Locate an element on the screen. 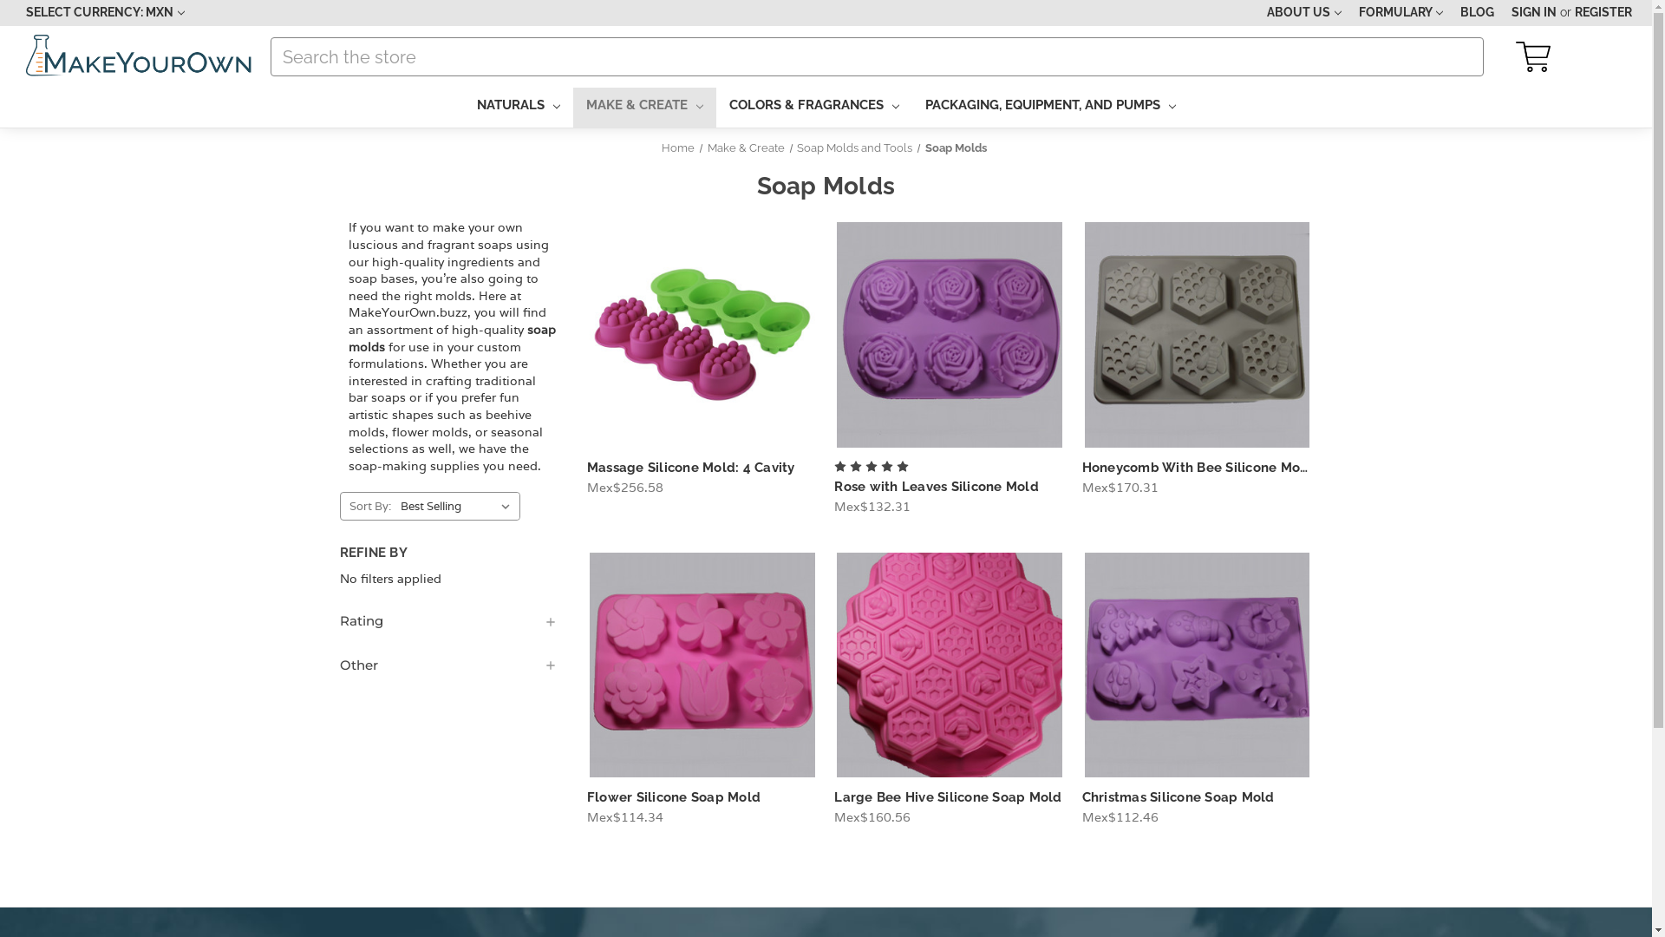  'BLOG' is located at coordinates (1452, 13).